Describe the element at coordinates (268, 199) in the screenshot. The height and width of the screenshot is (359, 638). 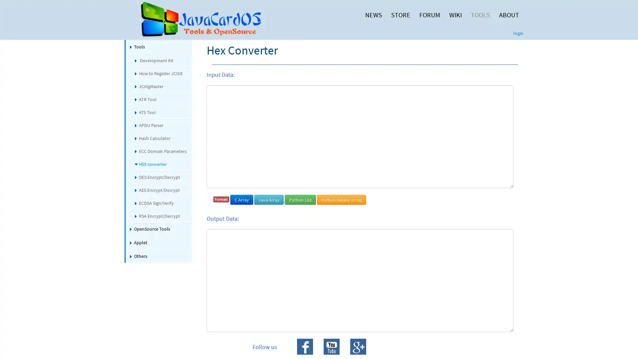
I see `Java Array` at that location.